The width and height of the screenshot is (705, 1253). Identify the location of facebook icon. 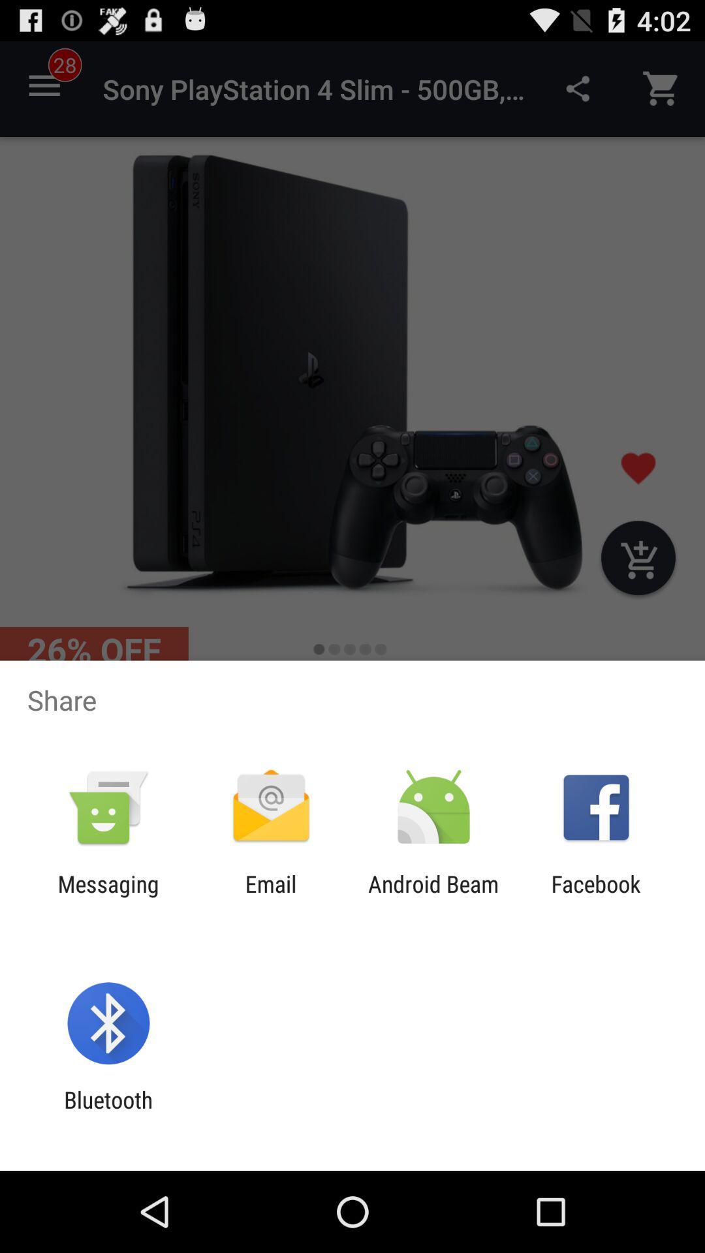
(596, 897).